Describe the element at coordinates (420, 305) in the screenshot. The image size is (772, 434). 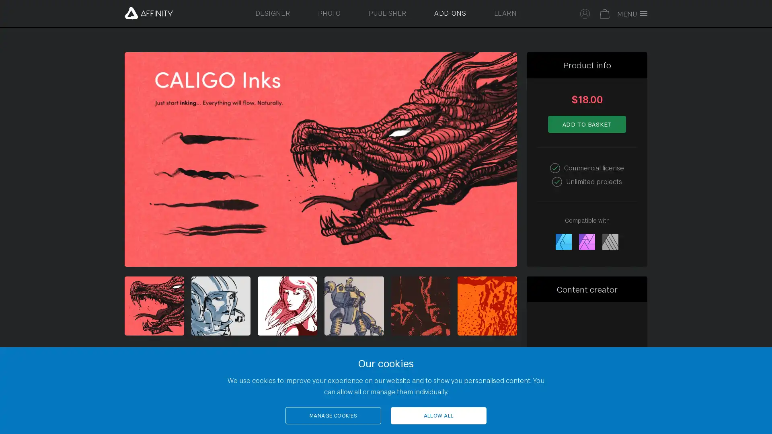
I see `Select to view image 5` at that location.